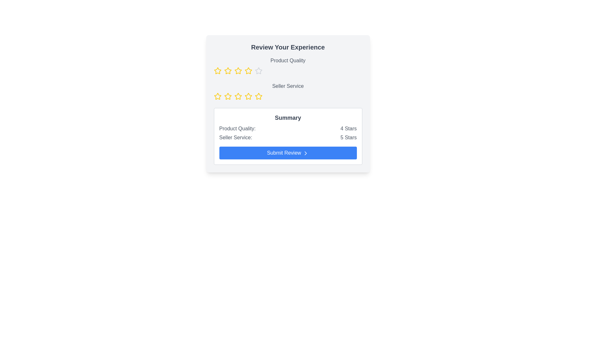 This screenshot has height=345, width=614. Describe the element at coordinates (217, 96) in the screenshot. I see `the first star icon in the rating selector` at that location.